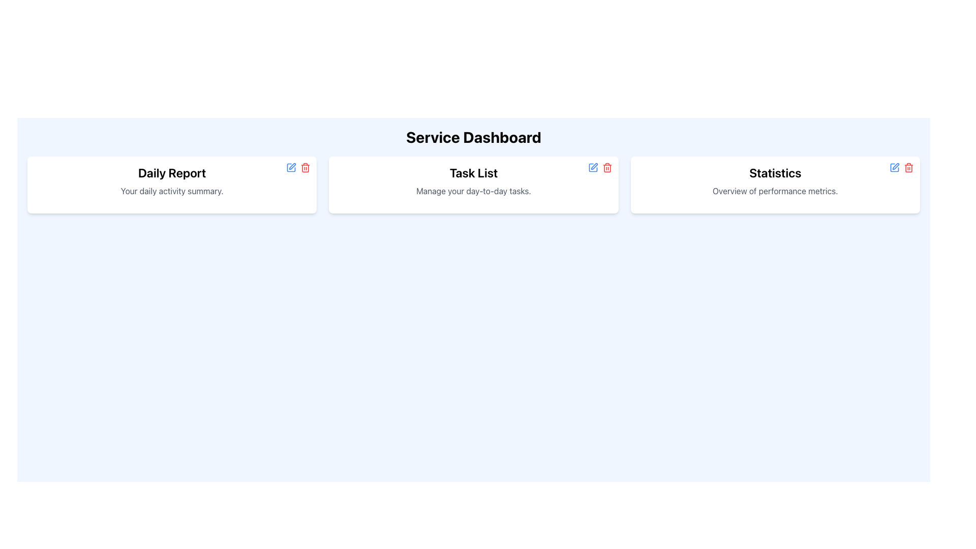  What do you see at coordinates (292, 166) in the screenshot?
I see `the button in the top-right corner of the 'Daily Report' card to initiate the edit action for modifying its content or settings` at bounding box center [292, 166].